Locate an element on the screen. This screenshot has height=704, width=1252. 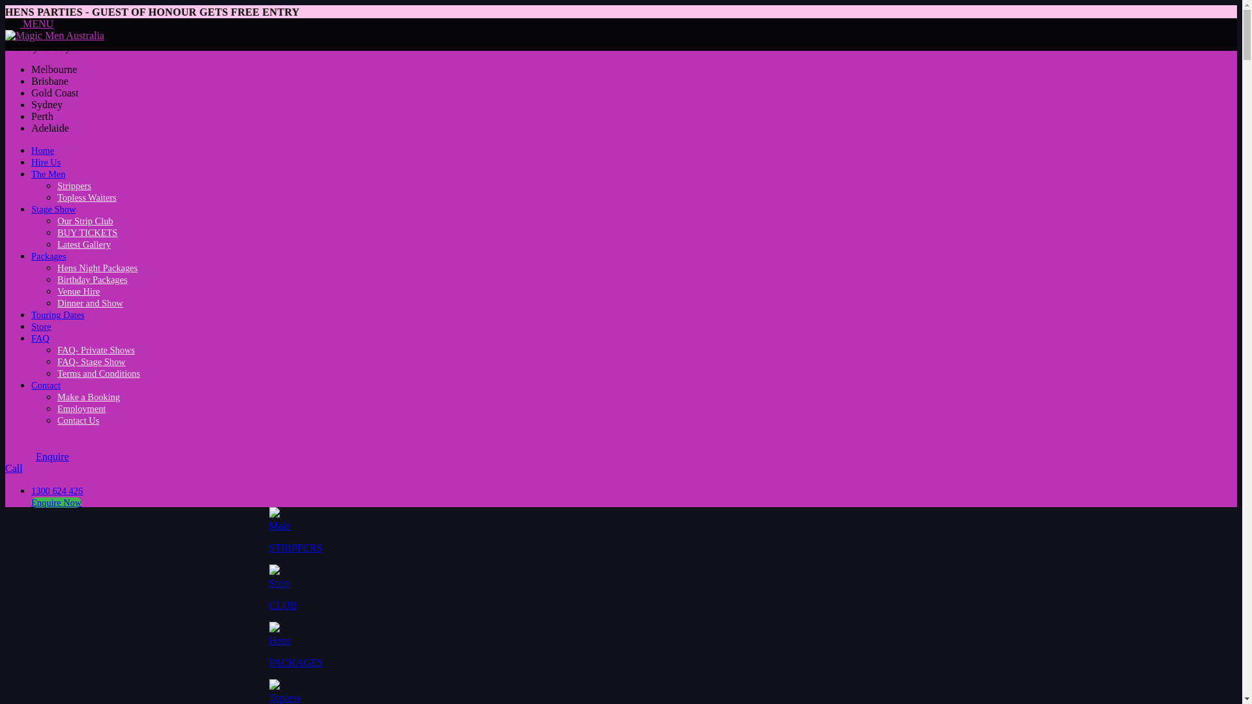
'Employment' is located at coordinates (80, 408).